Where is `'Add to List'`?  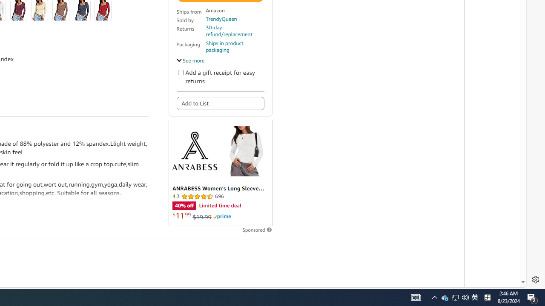 'Add to List' is located at coordinates (220, 103).